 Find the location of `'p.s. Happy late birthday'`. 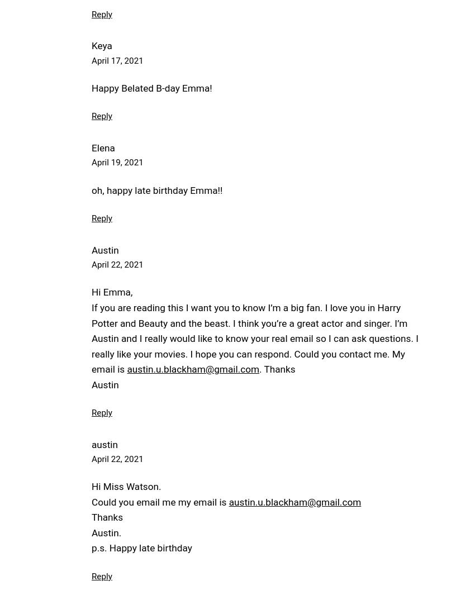

'p.s. Happy late birthday' is located at coordinates (141, 547).